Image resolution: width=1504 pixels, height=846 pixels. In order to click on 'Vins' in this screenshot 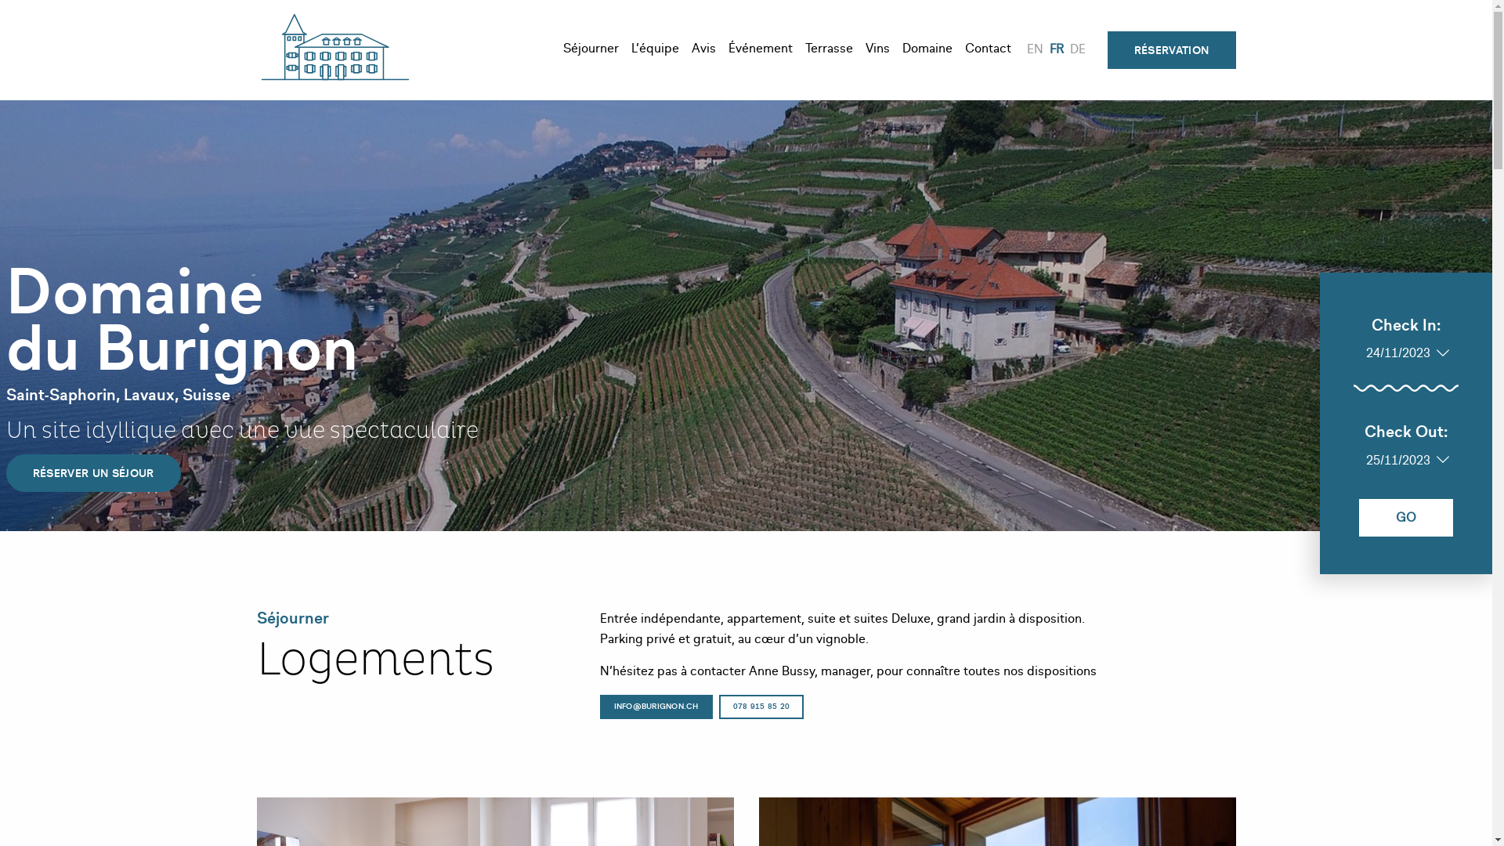, I will do `click(877, 49)`.